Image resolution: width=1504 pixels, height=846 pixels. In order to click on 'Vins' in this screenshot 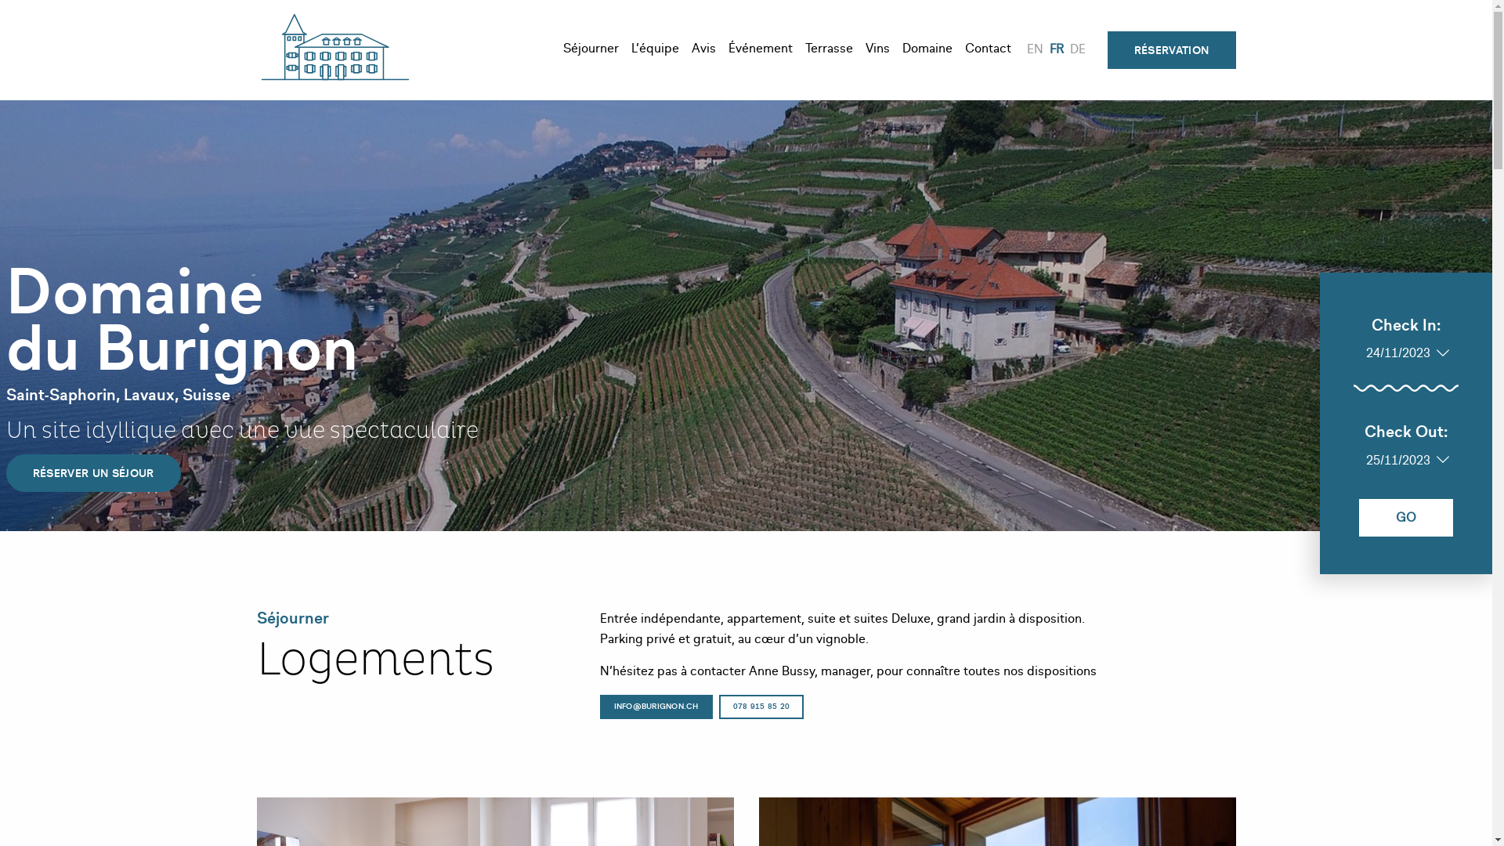, I will do `click(877, 49)`.